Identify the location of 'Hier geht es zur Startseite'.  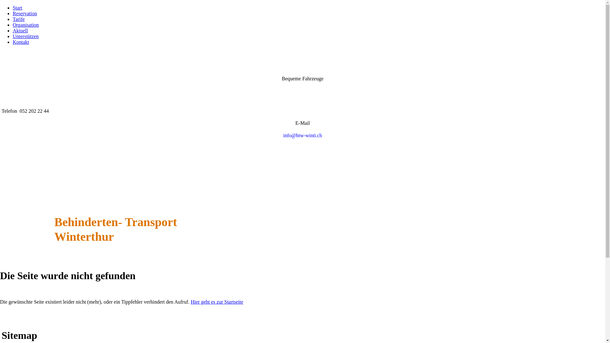
(217, 301).